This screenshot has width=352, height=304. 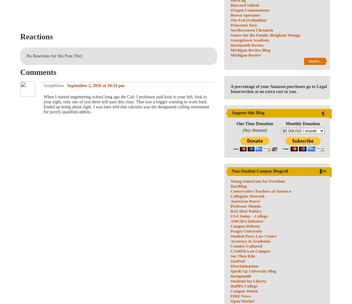 What do you see at coordinates (243, 130) in the screenshot?
I see `'(Any Amount)'` at bounding box center [243, 130].